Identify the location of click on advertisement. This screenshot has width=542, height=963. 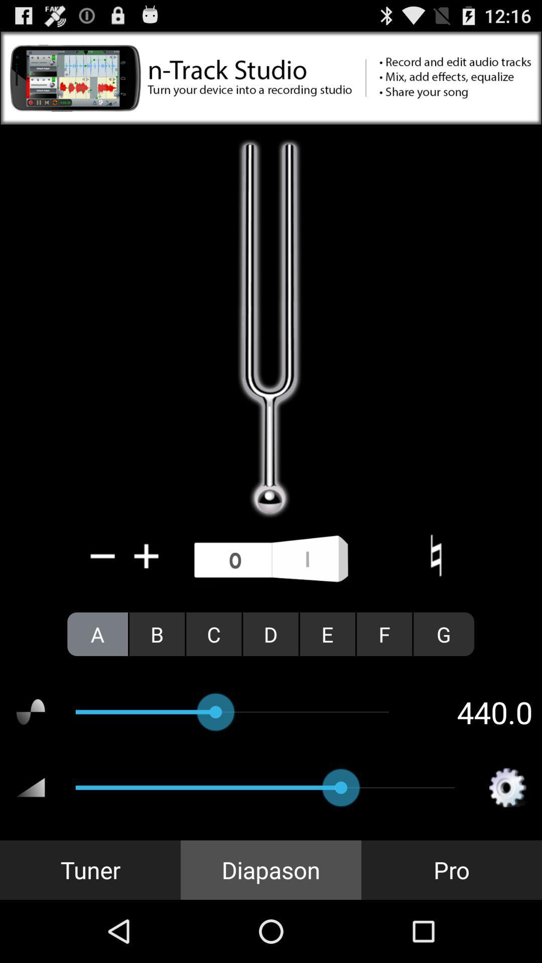
(271, 77).